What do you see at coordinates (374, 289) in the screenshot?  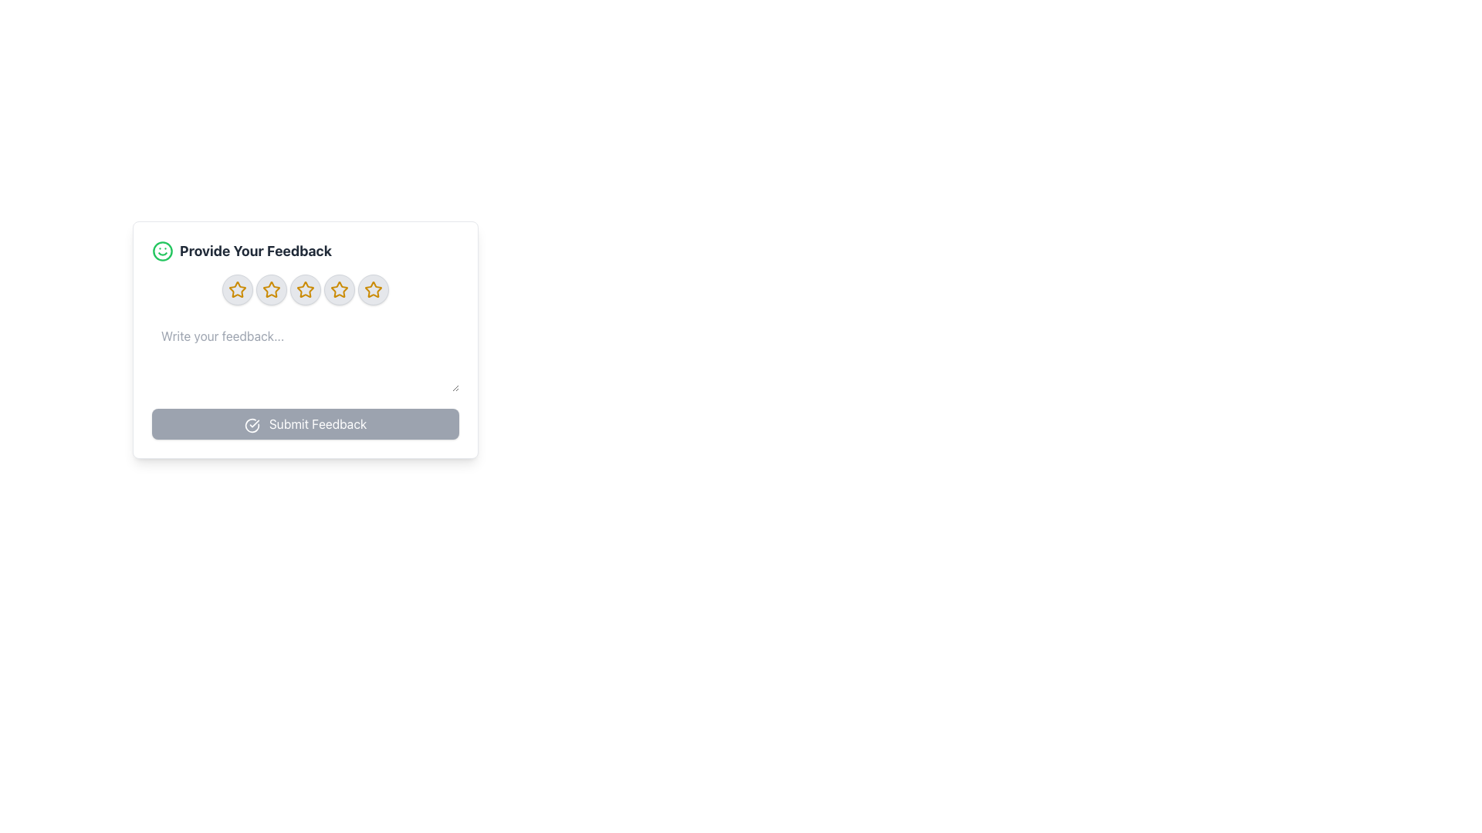 I see `the fifth star-shaped rating icon, which is yellow and part of a feedback component, to indicate a potential rating` at bounding box center [374, 289].